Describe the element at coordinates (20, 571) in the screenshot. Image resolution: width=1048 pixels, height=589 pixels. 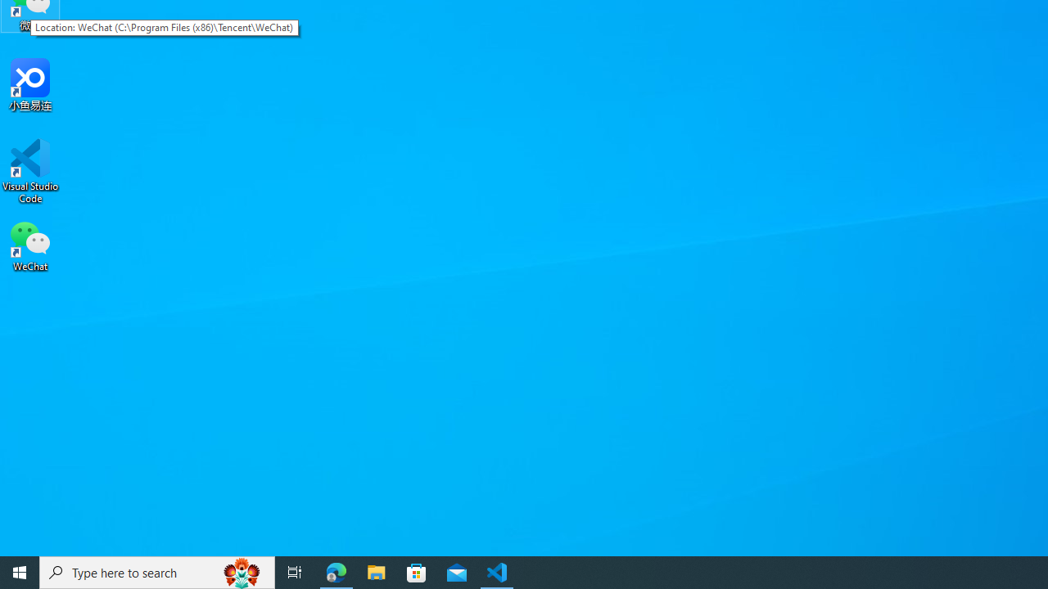
I see `'Start'` at that location.